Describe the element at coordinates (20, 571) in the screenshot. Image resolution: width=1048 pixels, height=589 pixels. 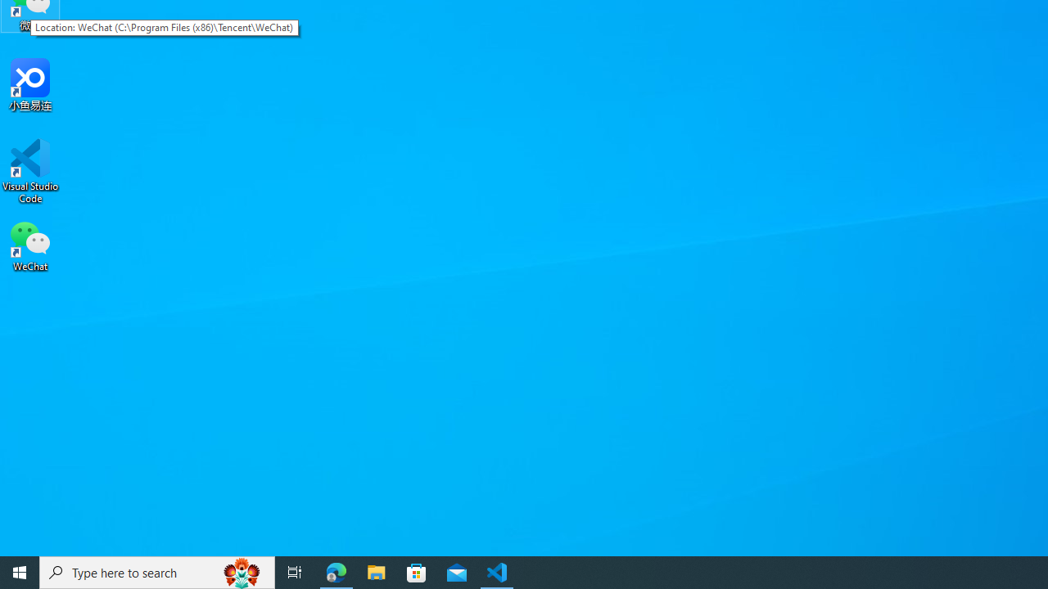
I see `'Start'` at that location.